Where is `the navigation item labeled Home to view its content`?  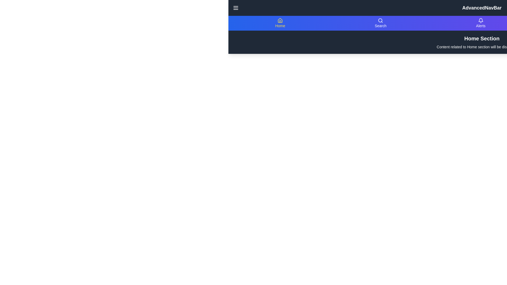
the navigation item labeled Home to view its content is located at coordinates (280, 23).